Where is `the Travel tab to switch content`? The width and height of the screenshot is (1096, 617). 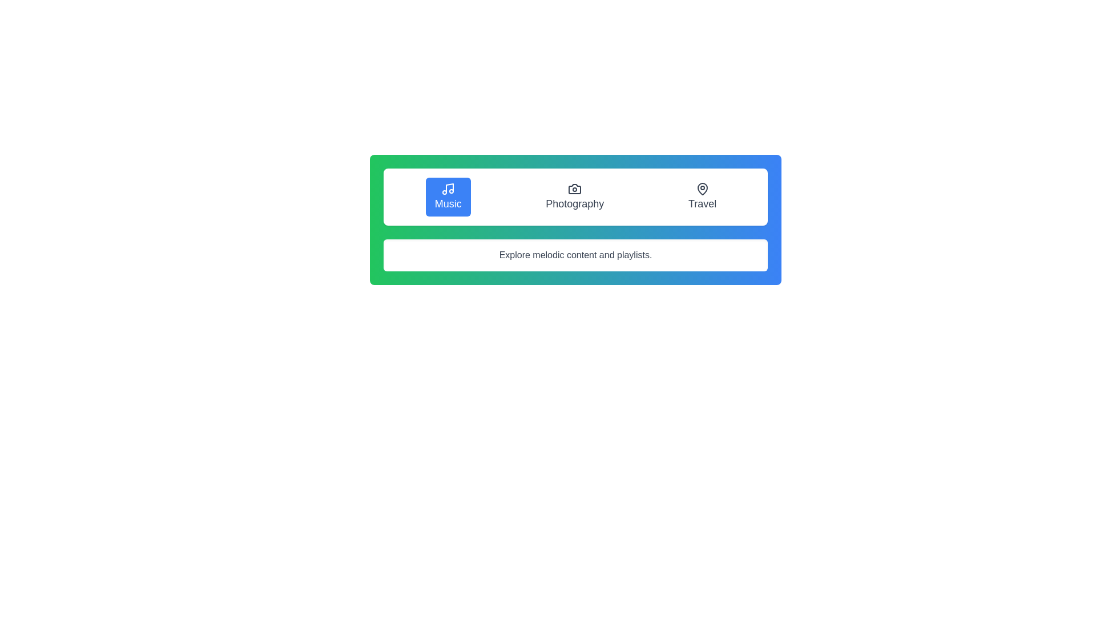 the Travel tab to switch content is located at coordinates (701, 196).